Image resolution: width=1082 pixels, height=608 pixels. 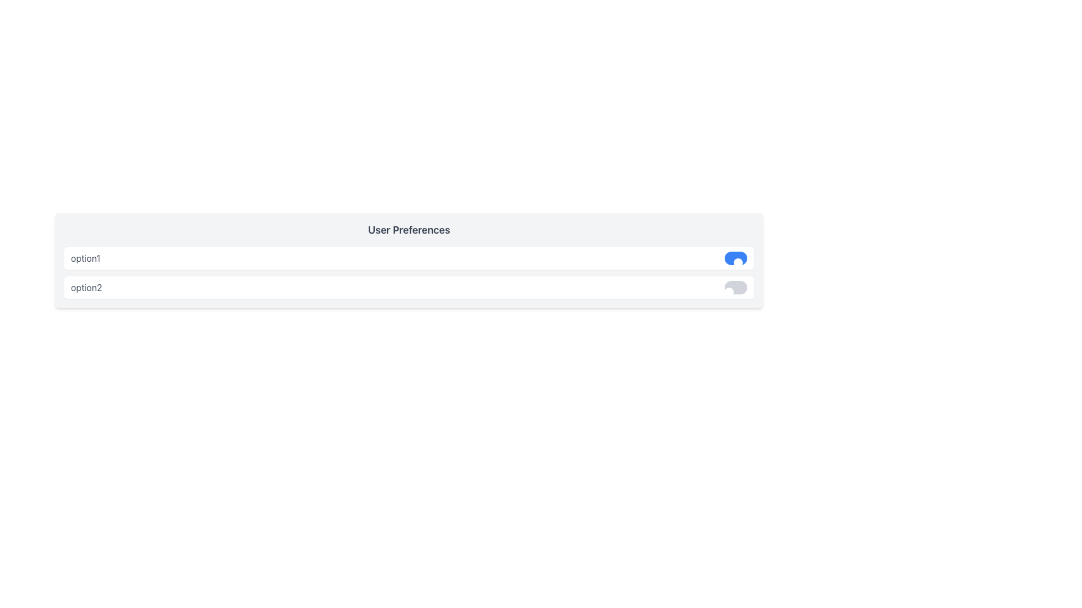 I want to click on the toggle switch for 'option2', located at the far right of the row under the 'User Preferences' header, so click(x=735, y=287).